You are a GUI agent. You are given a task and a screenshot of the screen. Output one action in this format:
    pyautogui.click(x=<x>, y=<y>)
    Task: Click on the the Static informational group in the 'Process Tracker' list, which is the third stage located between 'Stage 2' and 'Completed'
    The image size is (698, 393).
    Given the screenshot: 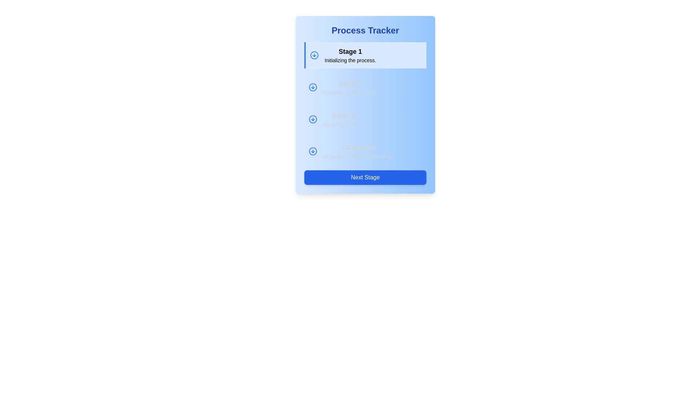 What is the action you would take?
    pyautogui.click(x=365, y=119)
    